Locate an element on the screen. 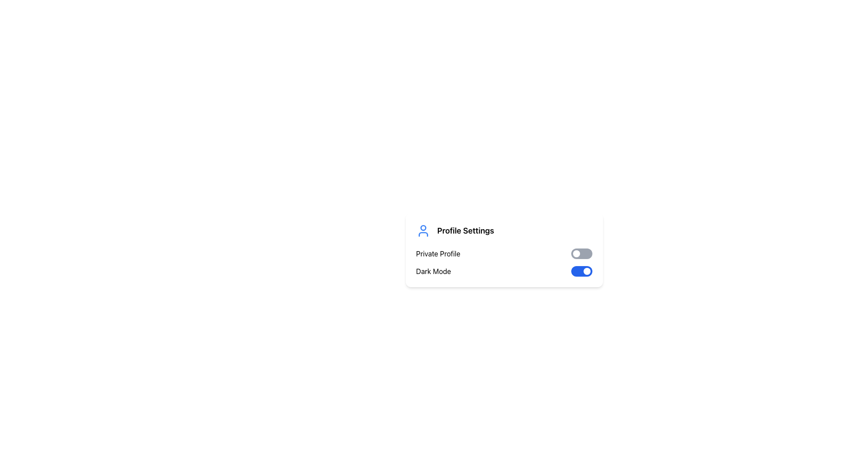  the toggle switch for 'Private Profile' to change its state, located in the top-right portion of the settings panel is located at coordinates (581, 254).